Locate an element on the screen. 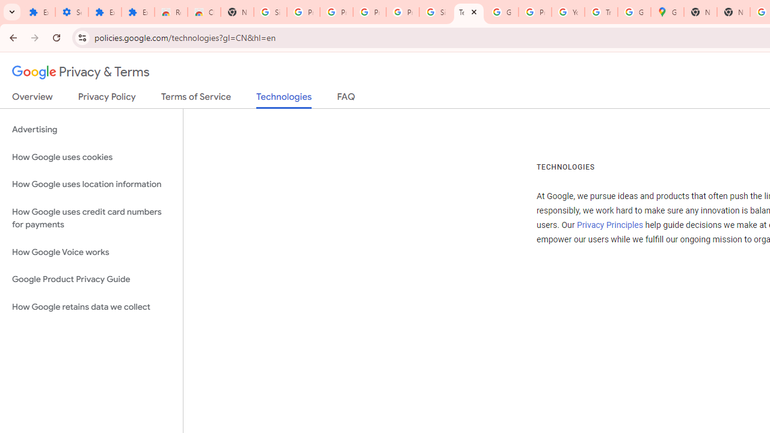 This screenshot has width=770, height=433. 'How Google uses cookies' is located at coordinates (91, 156).